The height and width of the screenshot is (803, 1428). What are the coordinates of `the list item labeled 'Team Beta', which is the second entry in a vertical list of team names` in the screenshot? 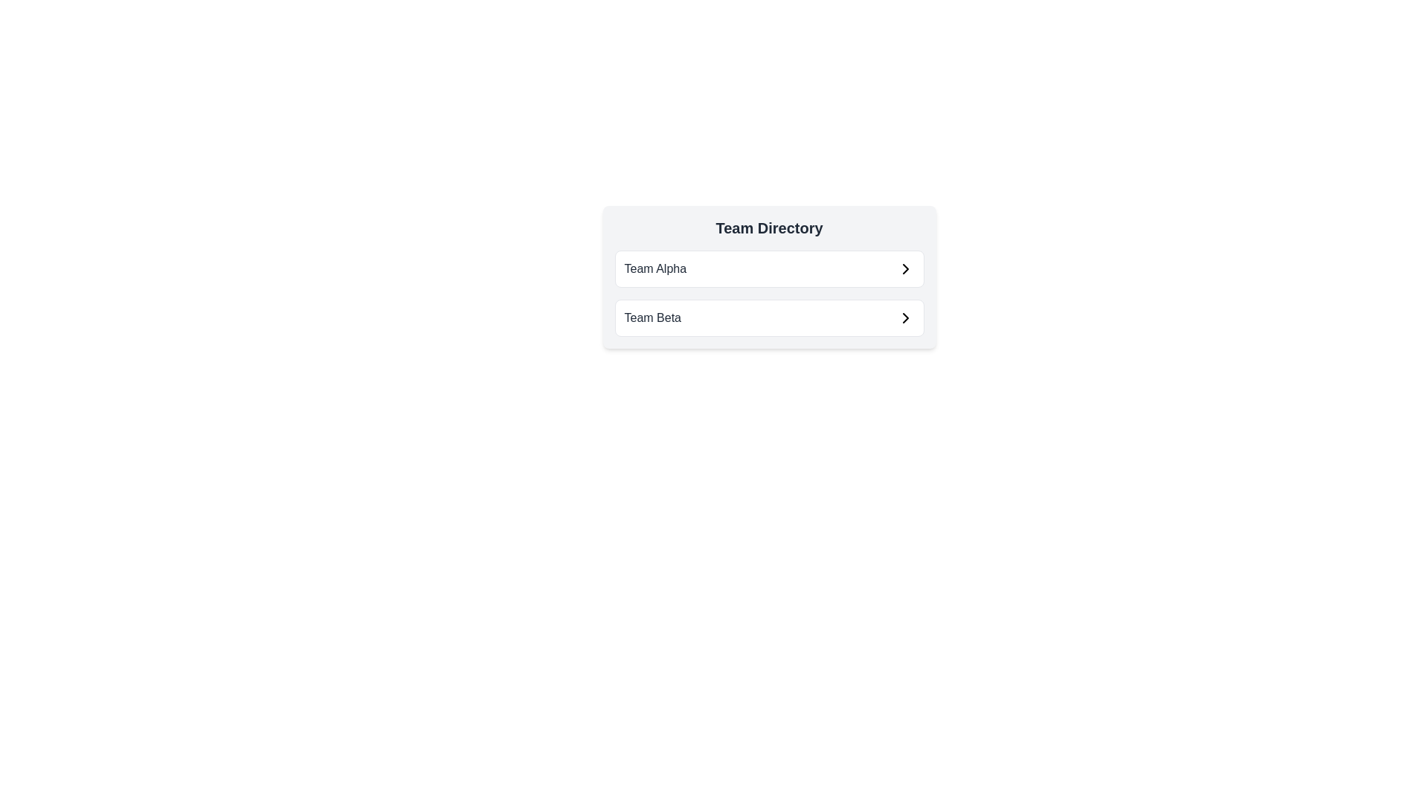 It's located at (769, 317).